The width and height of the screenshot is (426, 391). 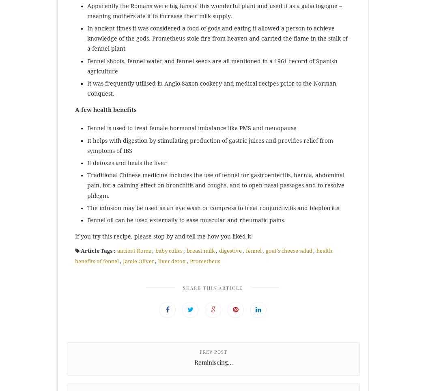 What do you see at coordinates (213, 207) in the screenshot?
I see `'The infusion may be used as an eye wash or compress to treat conjunctivitis and blepharitis'` at bounding box center [213, 207].